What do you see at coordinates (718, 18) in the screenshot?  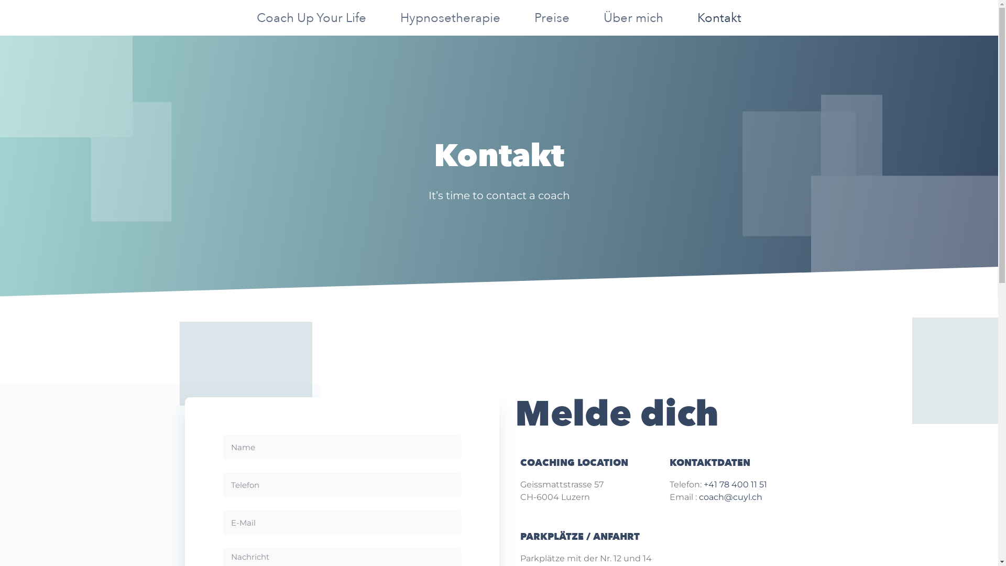 I see `'Kontakt'` at bounding box center [718, 18].